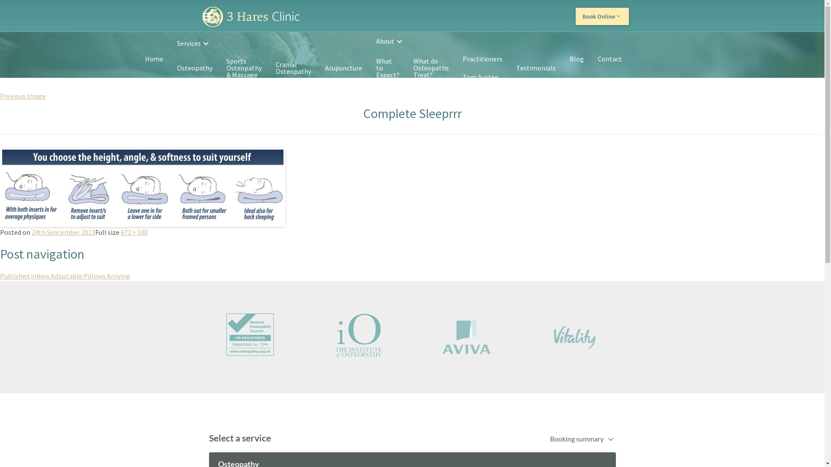 The image size is (831, 467). I want to click on 'The Istitute of Osteopathy', so click(358, 335).